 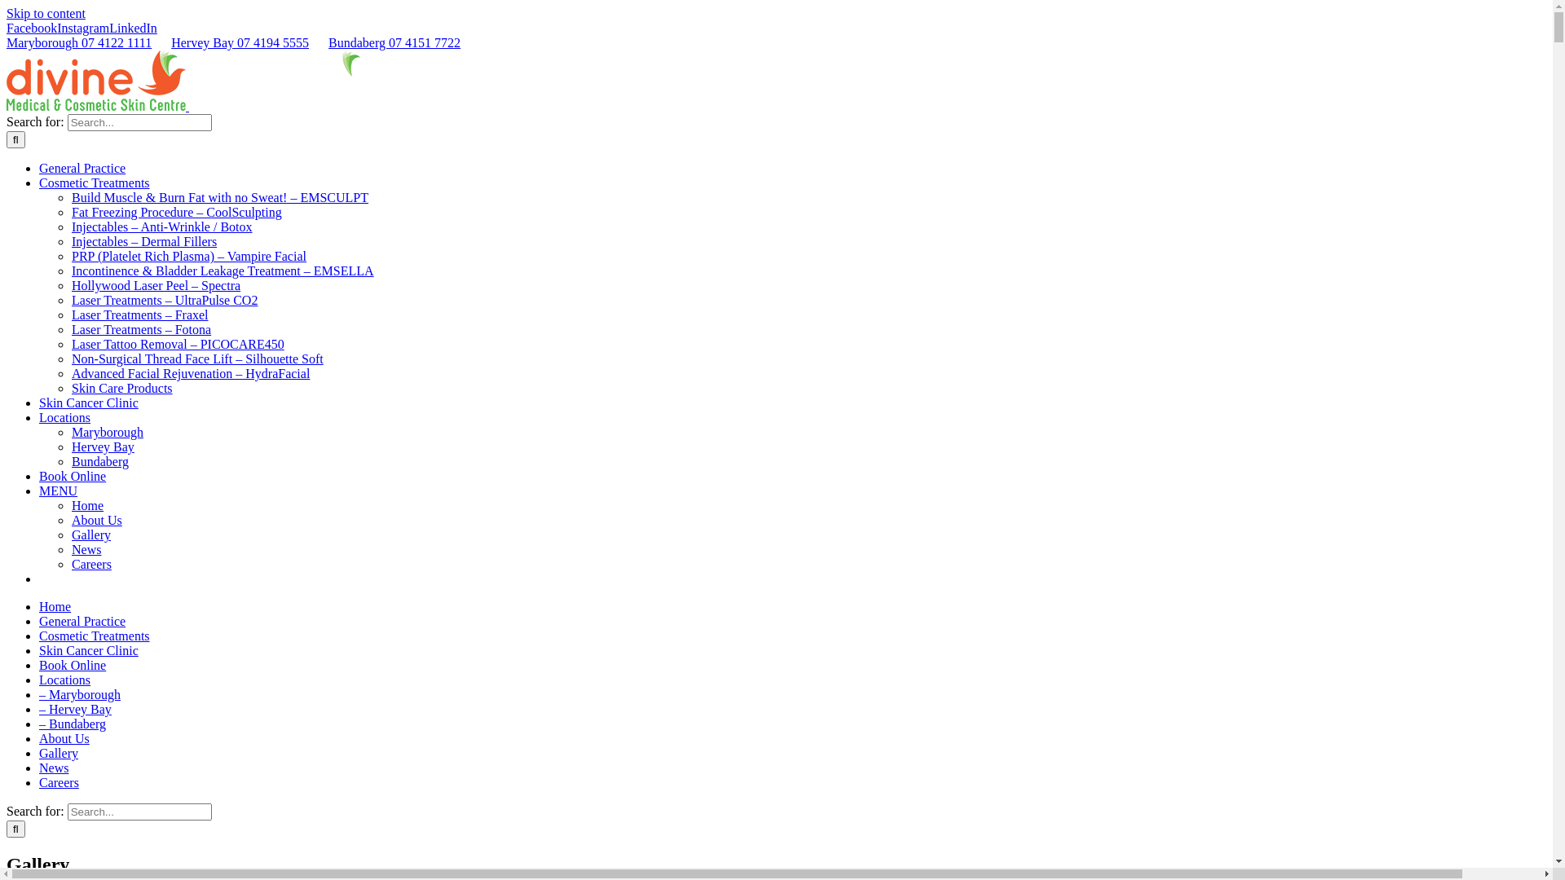 What do you see at coordinates (59, 781) in the screenshot?
I see `'Careers'` at bounding box center [59, 781].